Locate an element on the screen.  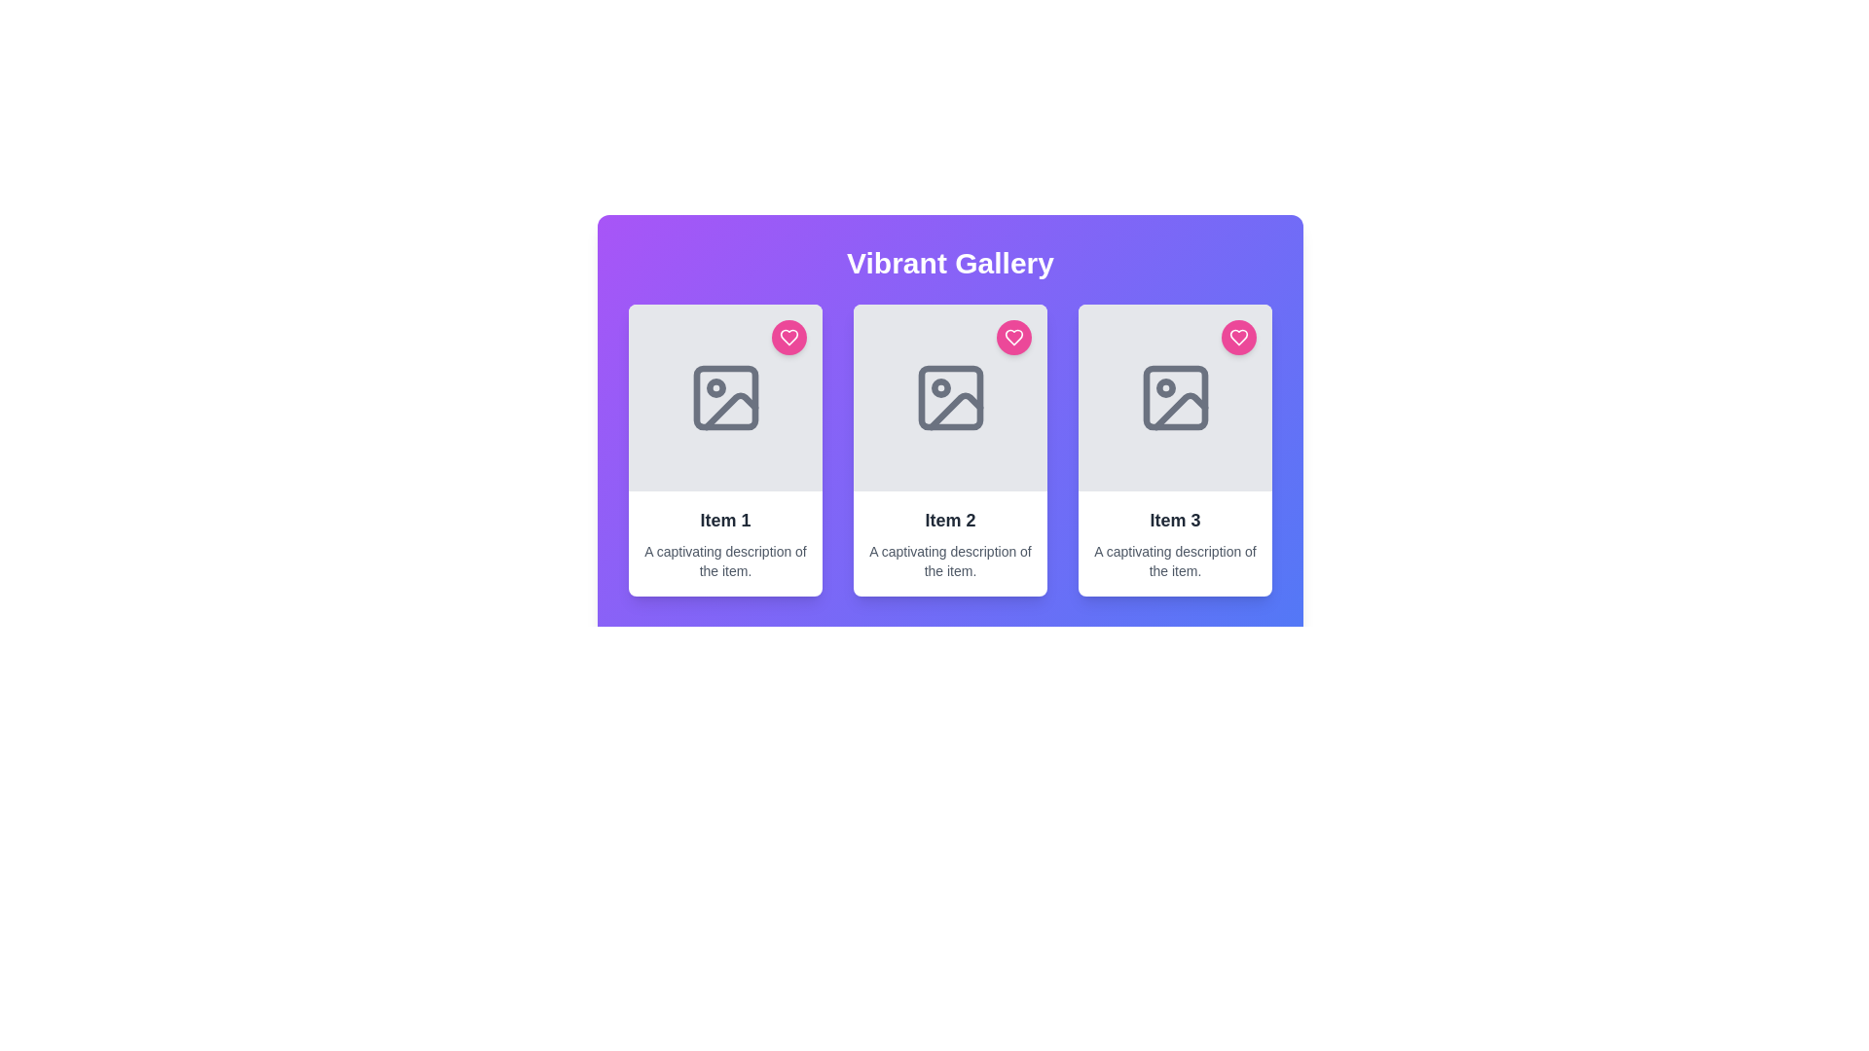
text content of the text label displaying 'A captivating description of the item.' located under the header 'Item 3' in the third card of the horizontally aligned set is located at coordinates (1174, 562).